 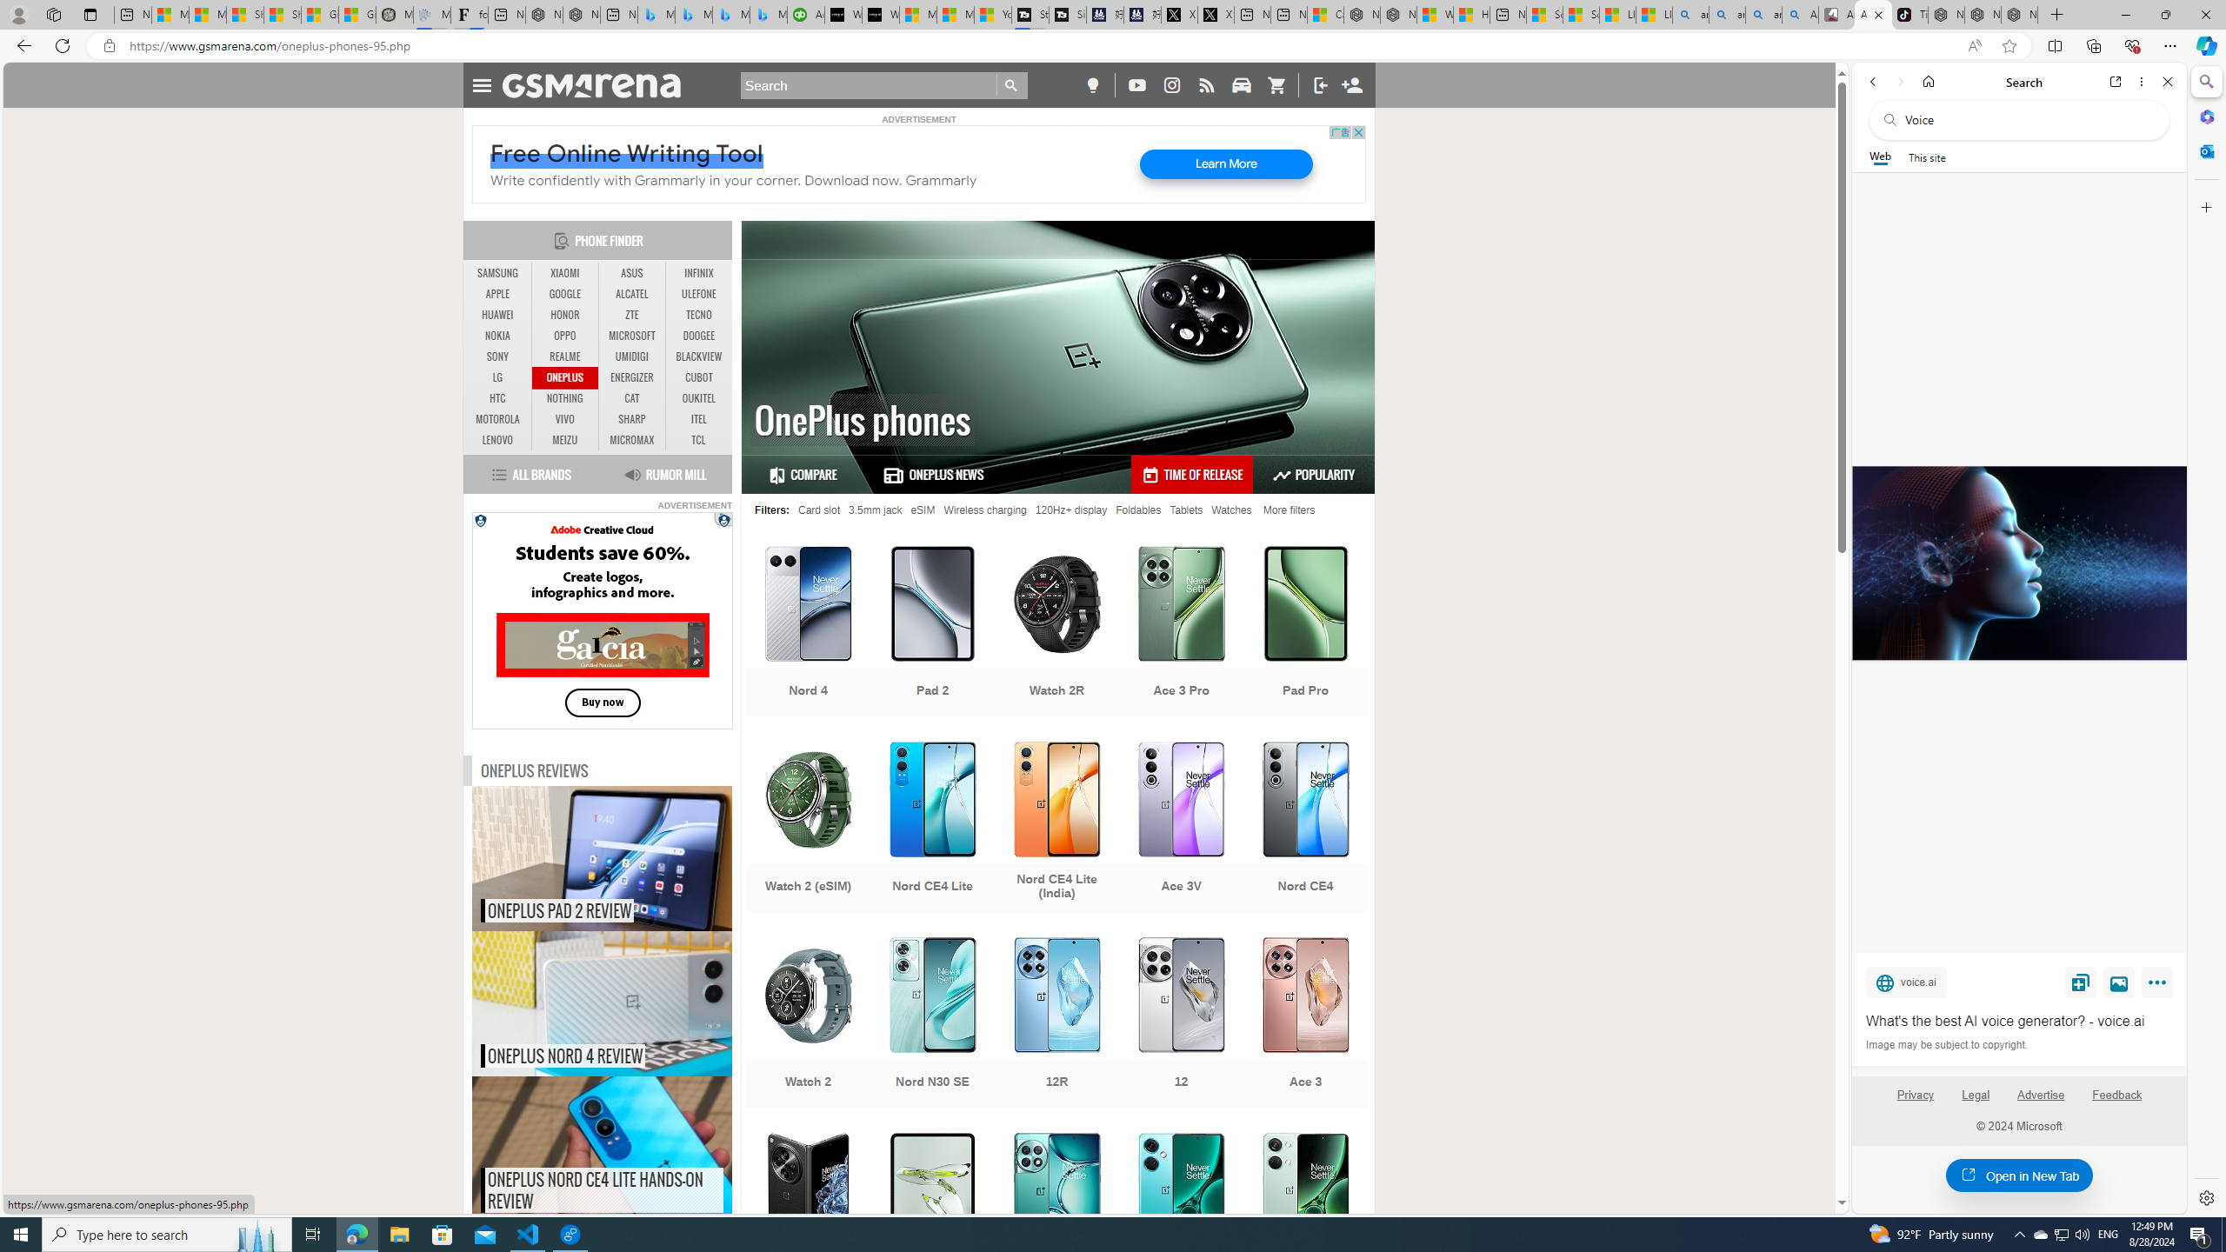 I want to click on 'ASUS', so click(x=631, y=273).